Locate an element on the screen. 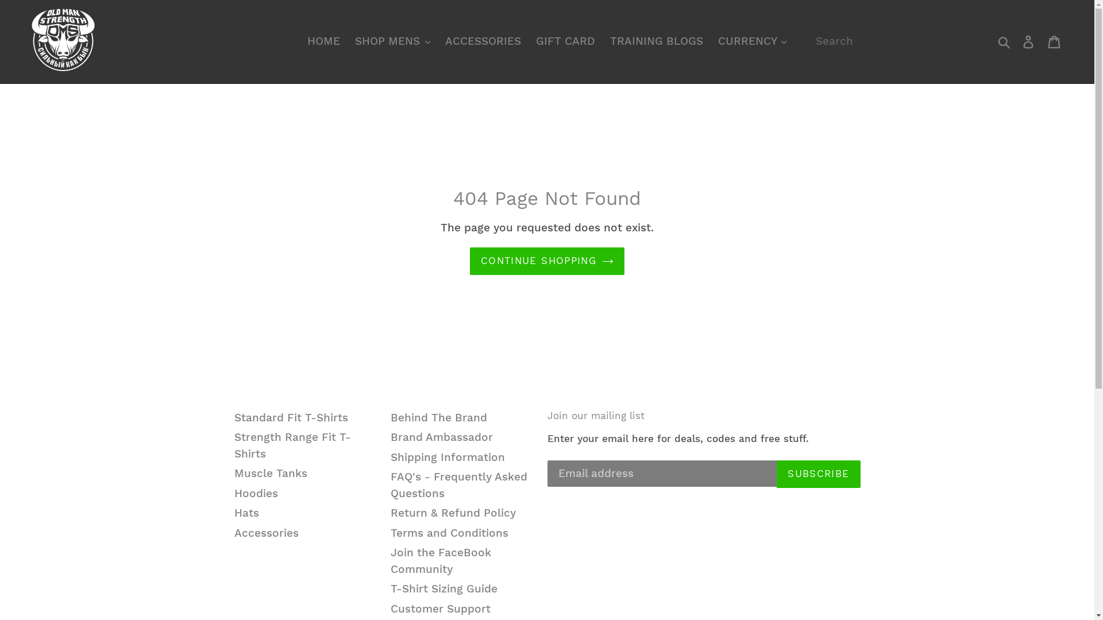 This screenshot has width=1103, height=620. 'T-Shirt Sizing Guide' is located at coordinates (443, 588).